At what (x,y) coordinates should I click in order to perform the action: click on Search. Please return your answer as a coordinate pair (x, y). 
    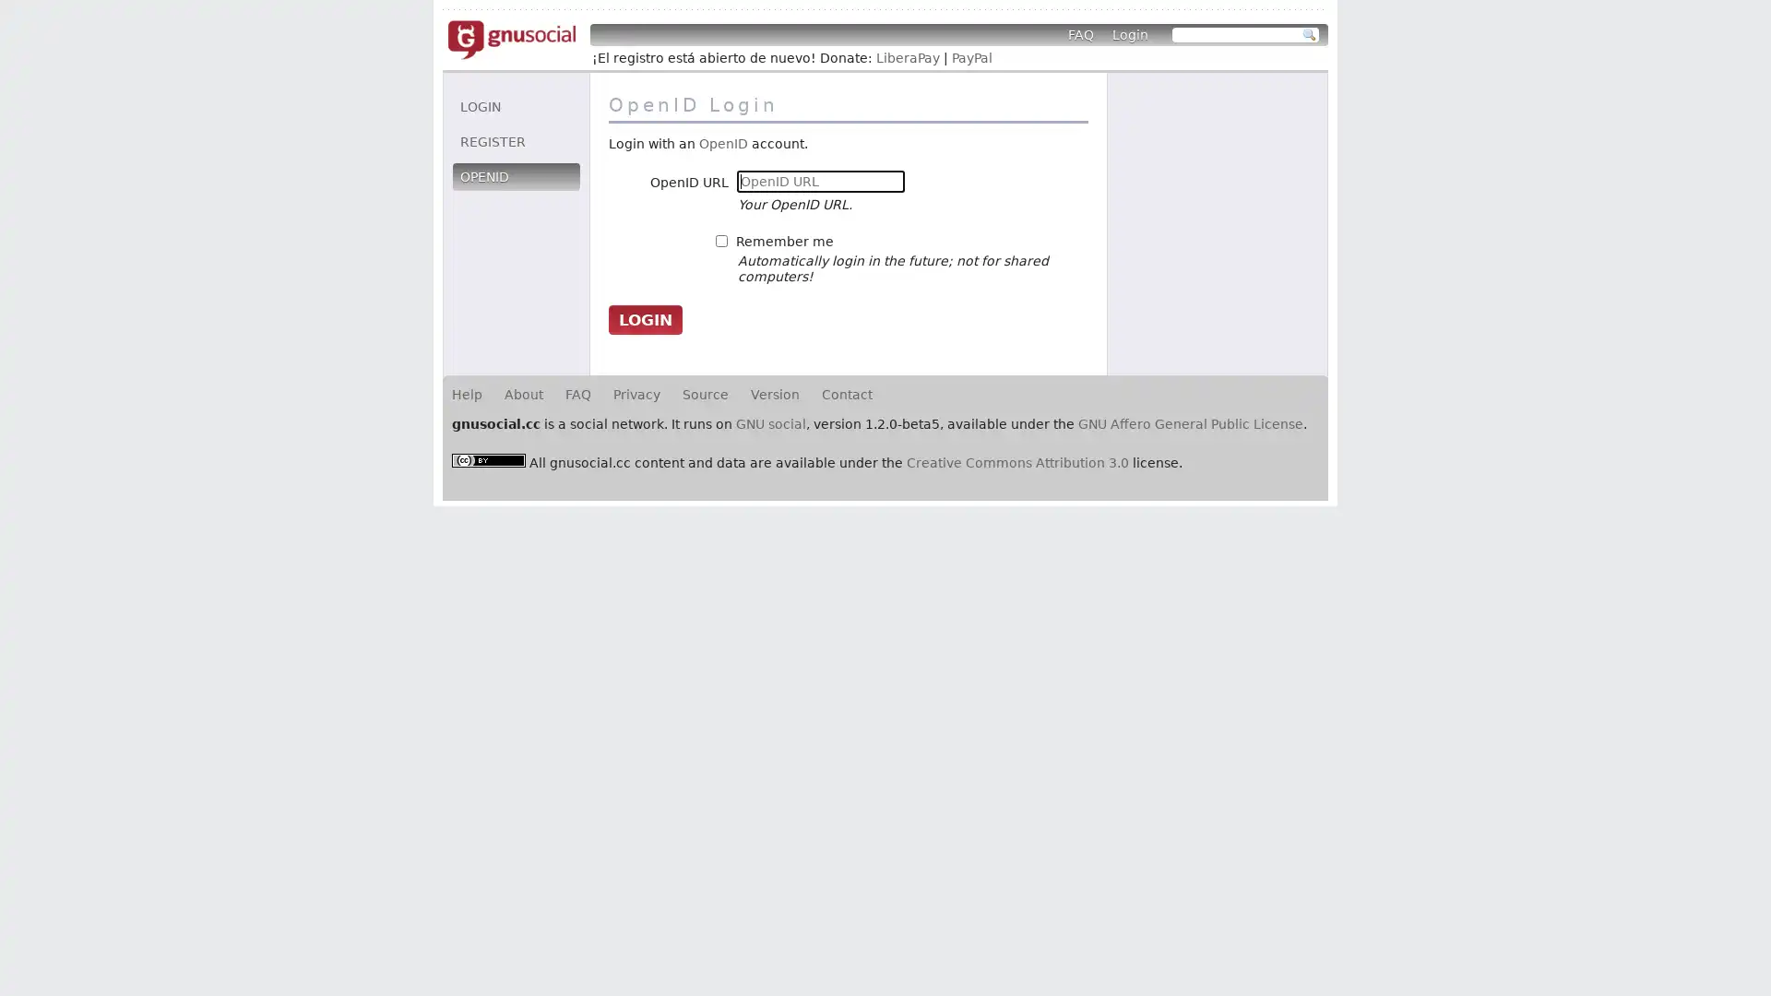
    Looking at the image, I should click on (1309, 35).